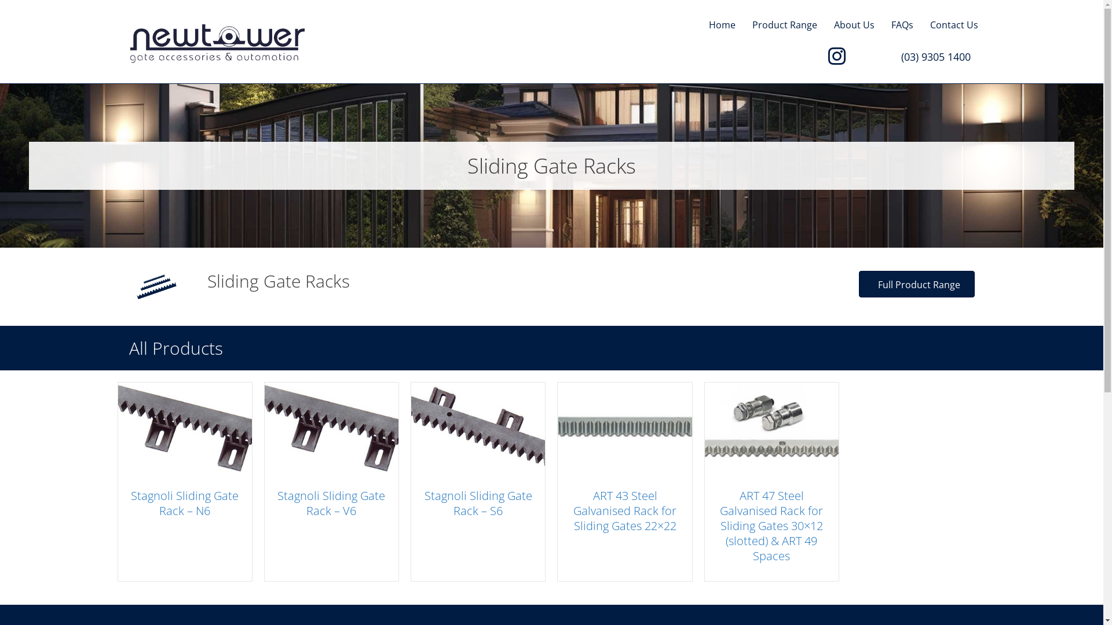  What do you see at coordinates (155, 286) in the screenshot?
I see `'tracks'` at bounding box center [155, 286].